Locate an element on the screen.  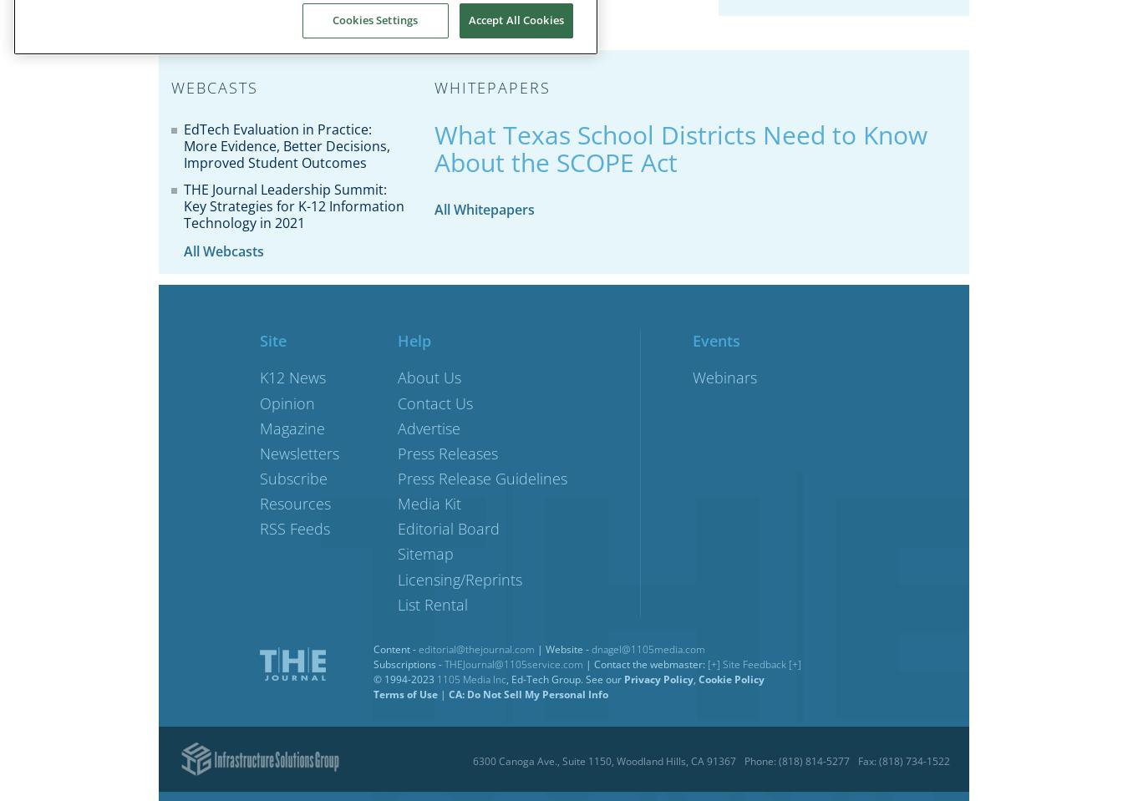
'CA: Do Not Sell My Personal Info' is located at coordinates (528, 692).